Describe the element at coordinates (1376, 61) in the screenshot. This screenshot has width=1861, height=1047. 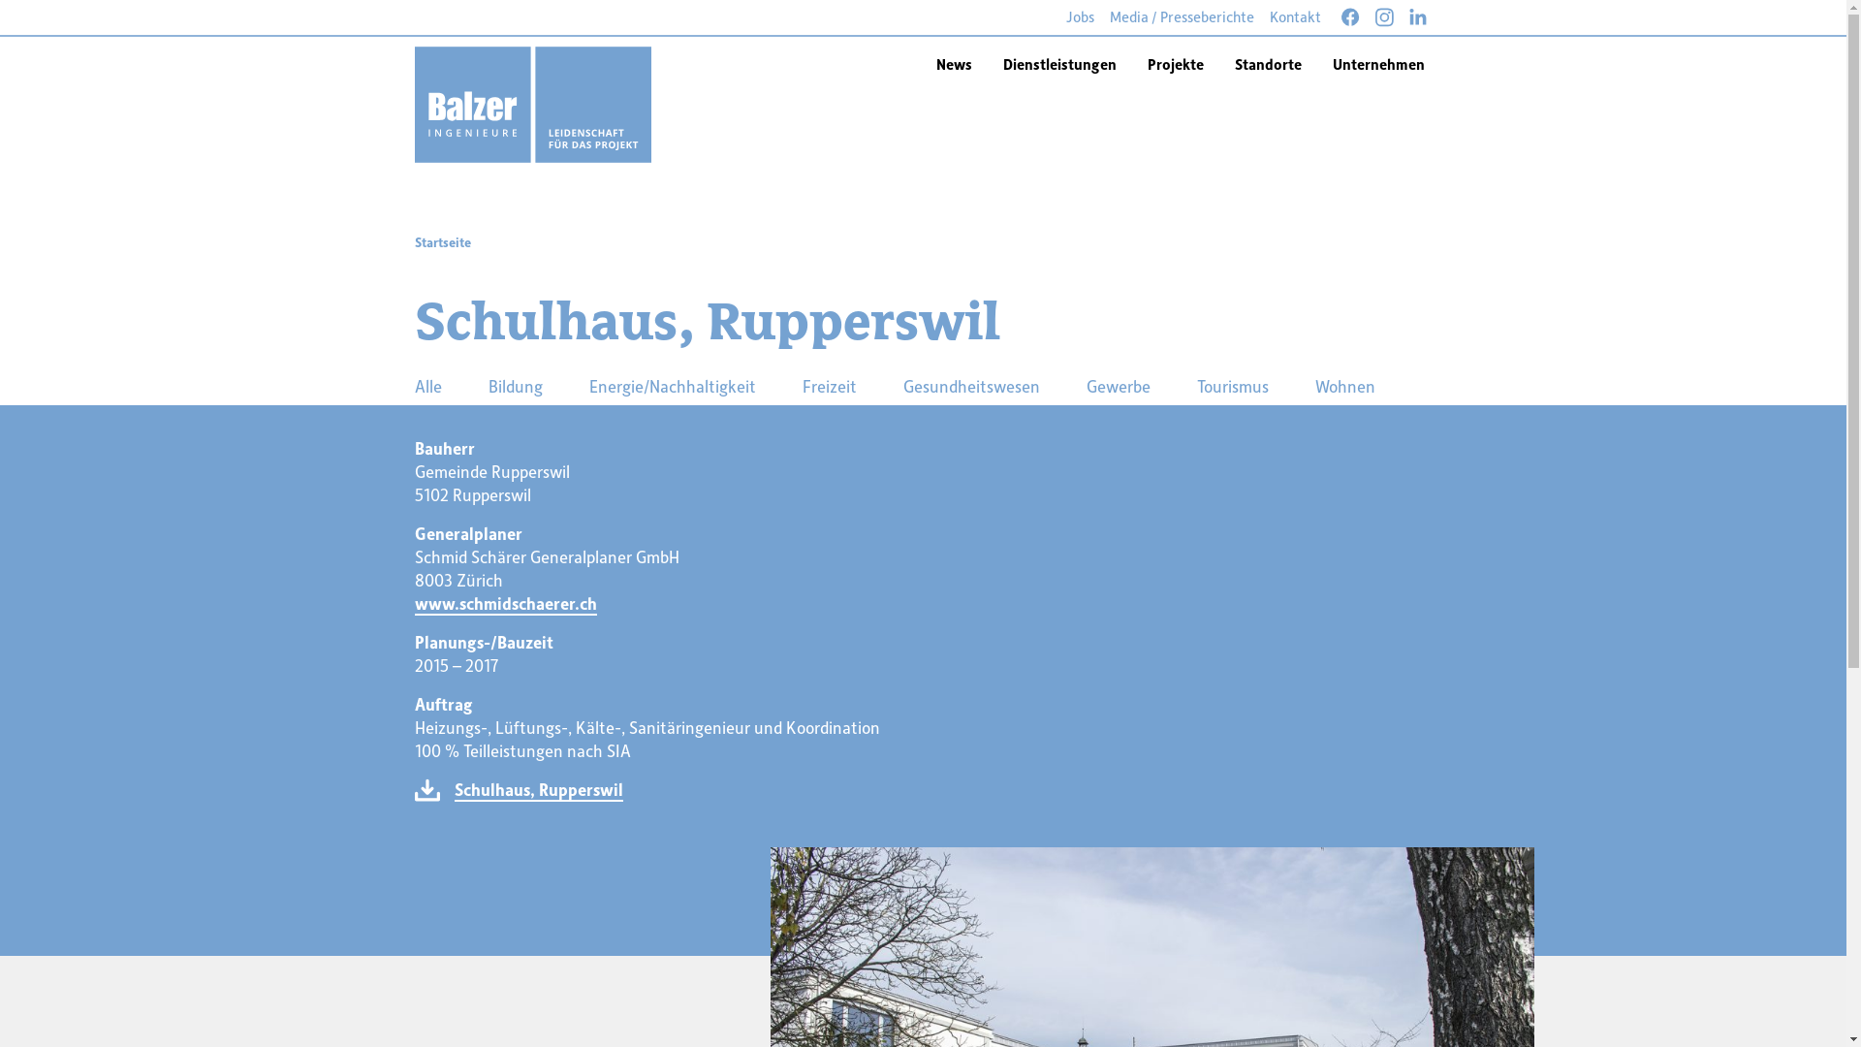
I see `'Unternehmen'` at that location.